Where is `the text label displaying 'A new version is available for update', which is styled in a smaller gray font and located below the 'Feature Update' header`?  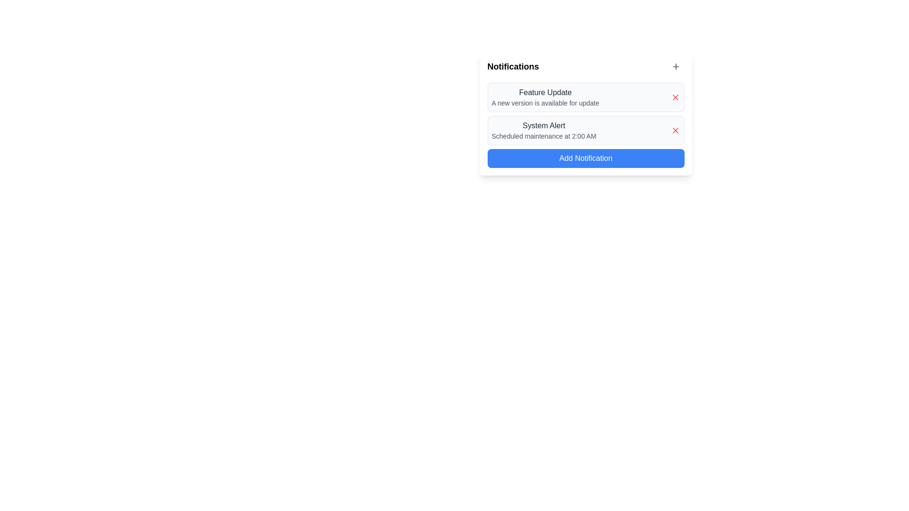
the text label displaying 'A new version is available for update', which is styled in a smaller gray font and located below the 'Feature Update' header is located at coordinates (545, 103).